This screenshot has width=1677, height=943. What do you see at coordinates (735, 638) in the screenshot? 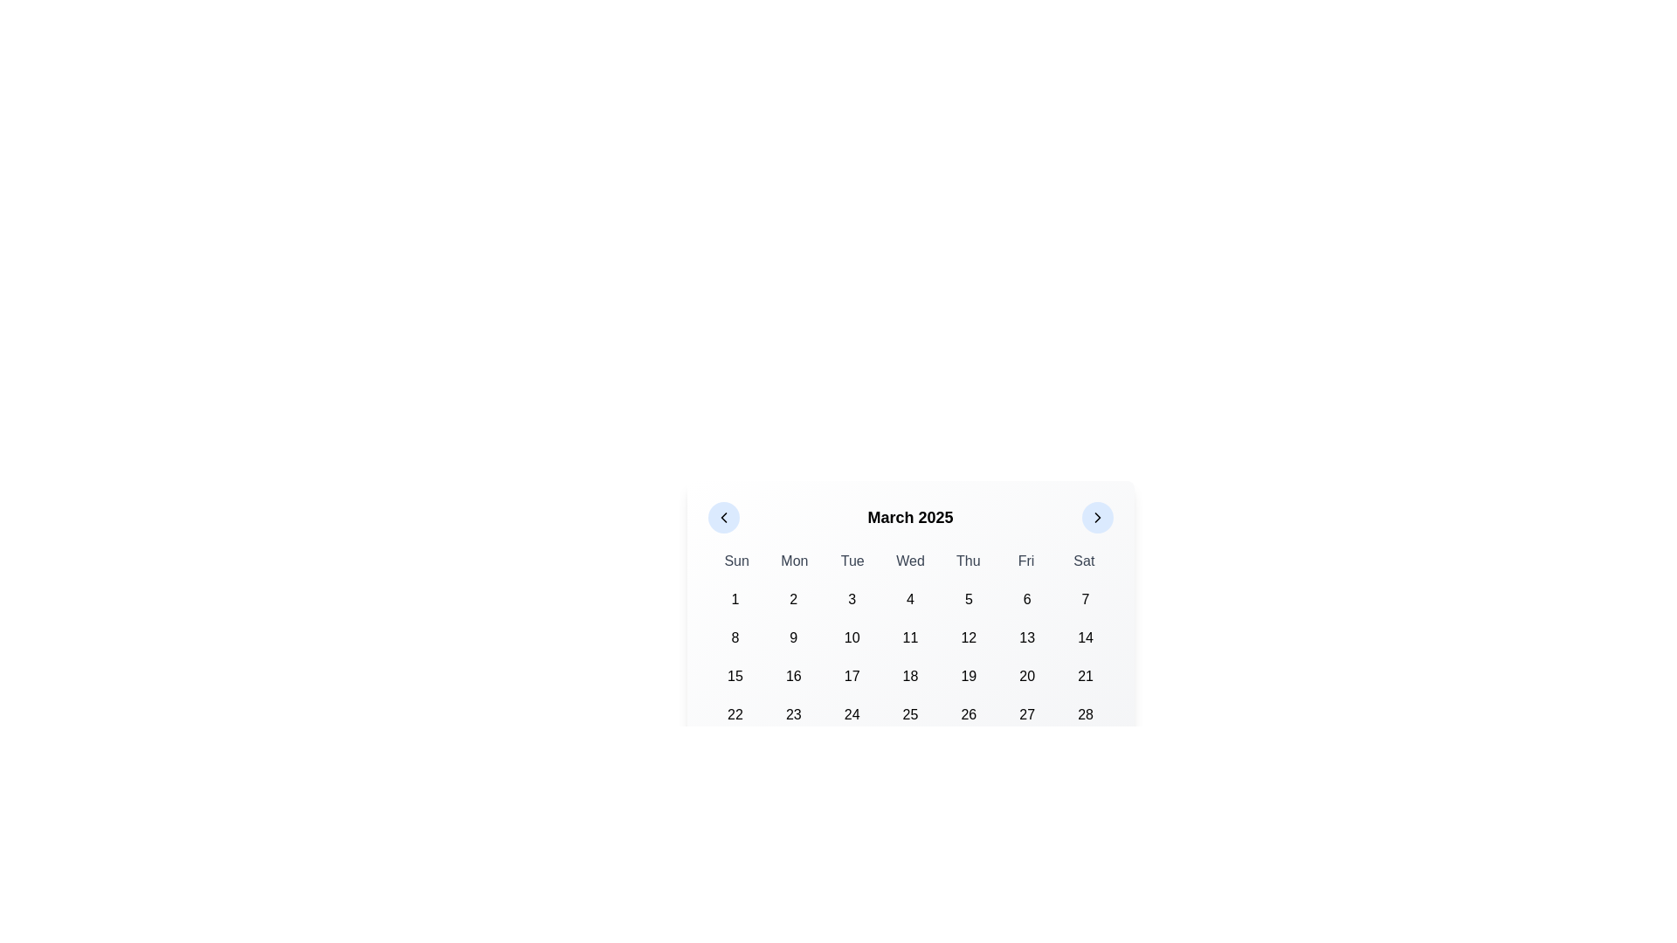
I see `the calendar day cell displaying the number '8'` at bounding box center [735, 638].